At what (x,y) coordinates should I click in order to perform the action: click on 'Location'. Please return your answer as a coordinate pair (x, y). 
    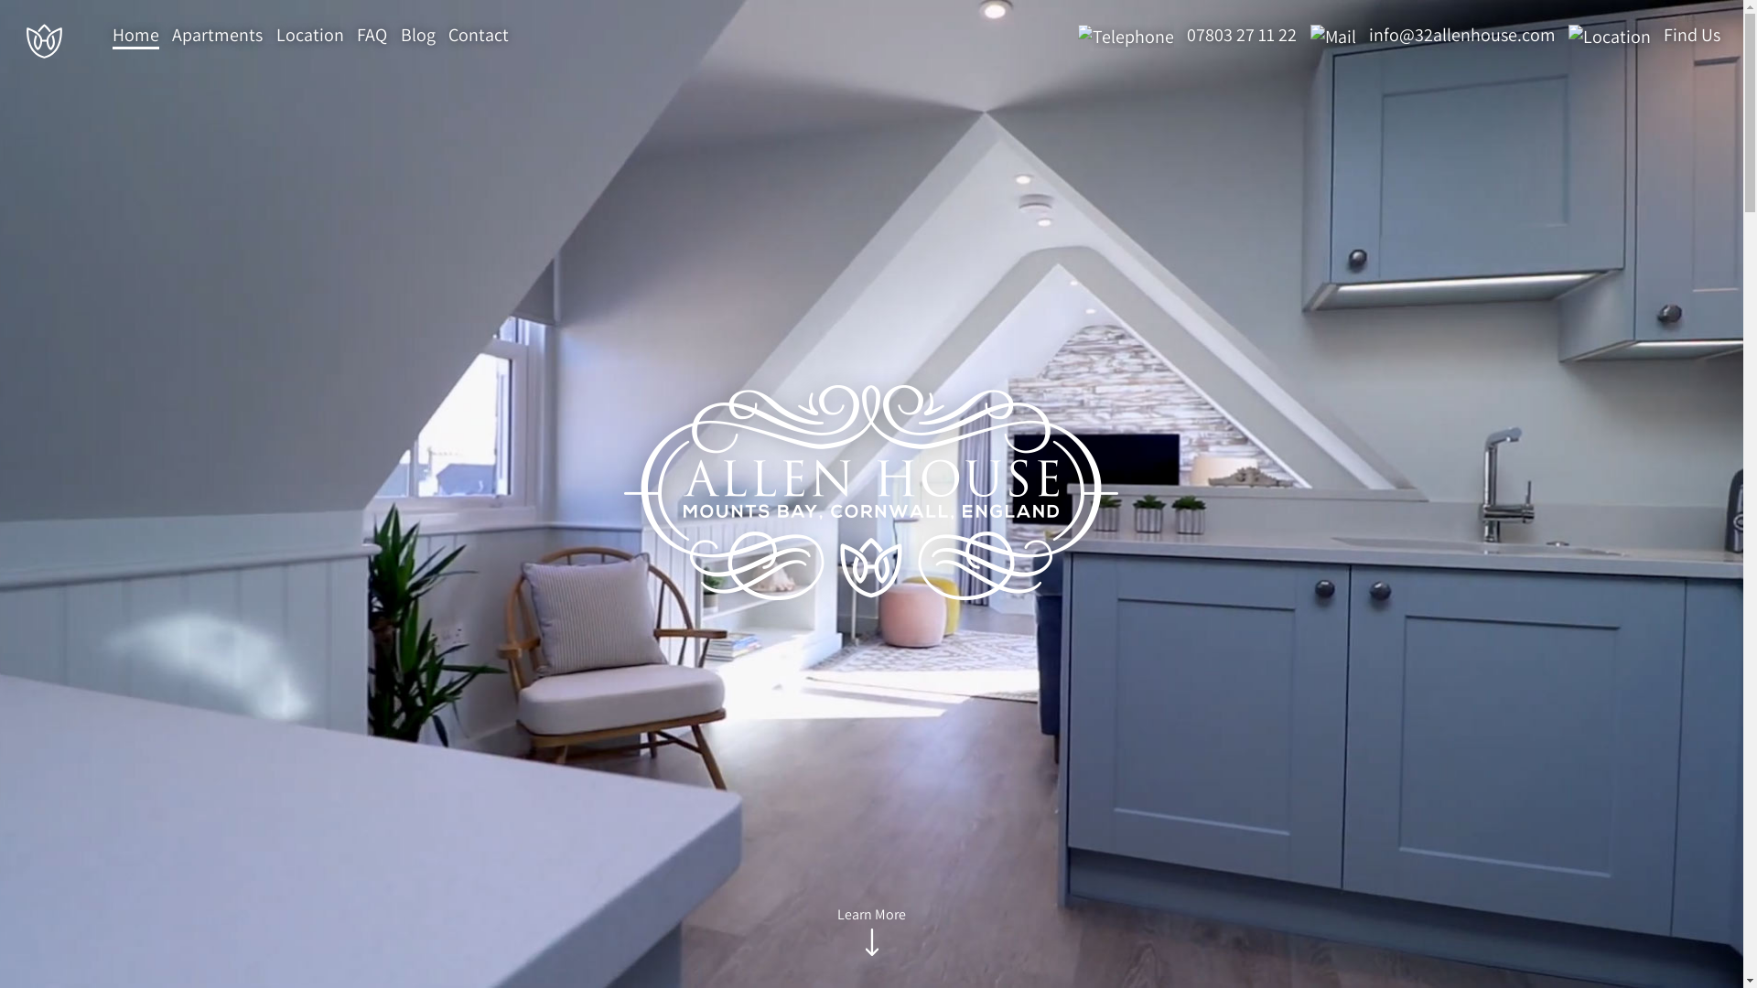
    Looking at the image, I should click on (275, 36).